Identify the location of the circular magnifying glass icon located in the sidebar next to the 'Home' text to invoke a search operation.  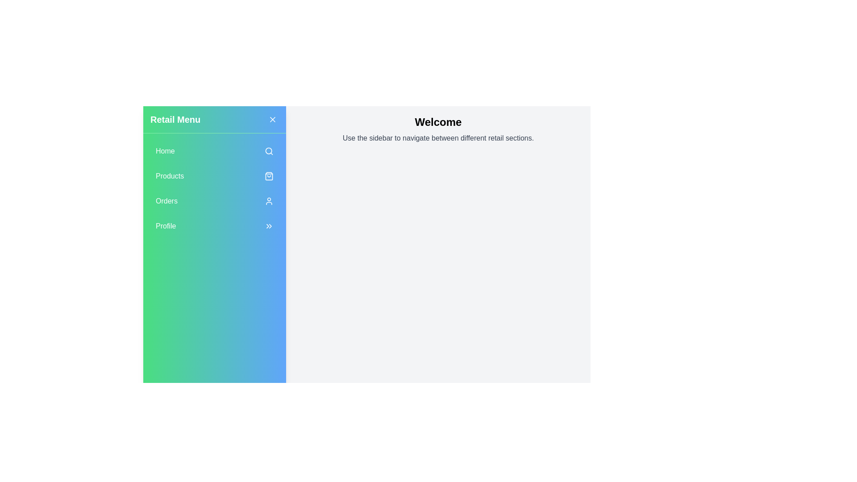
(268, 150).